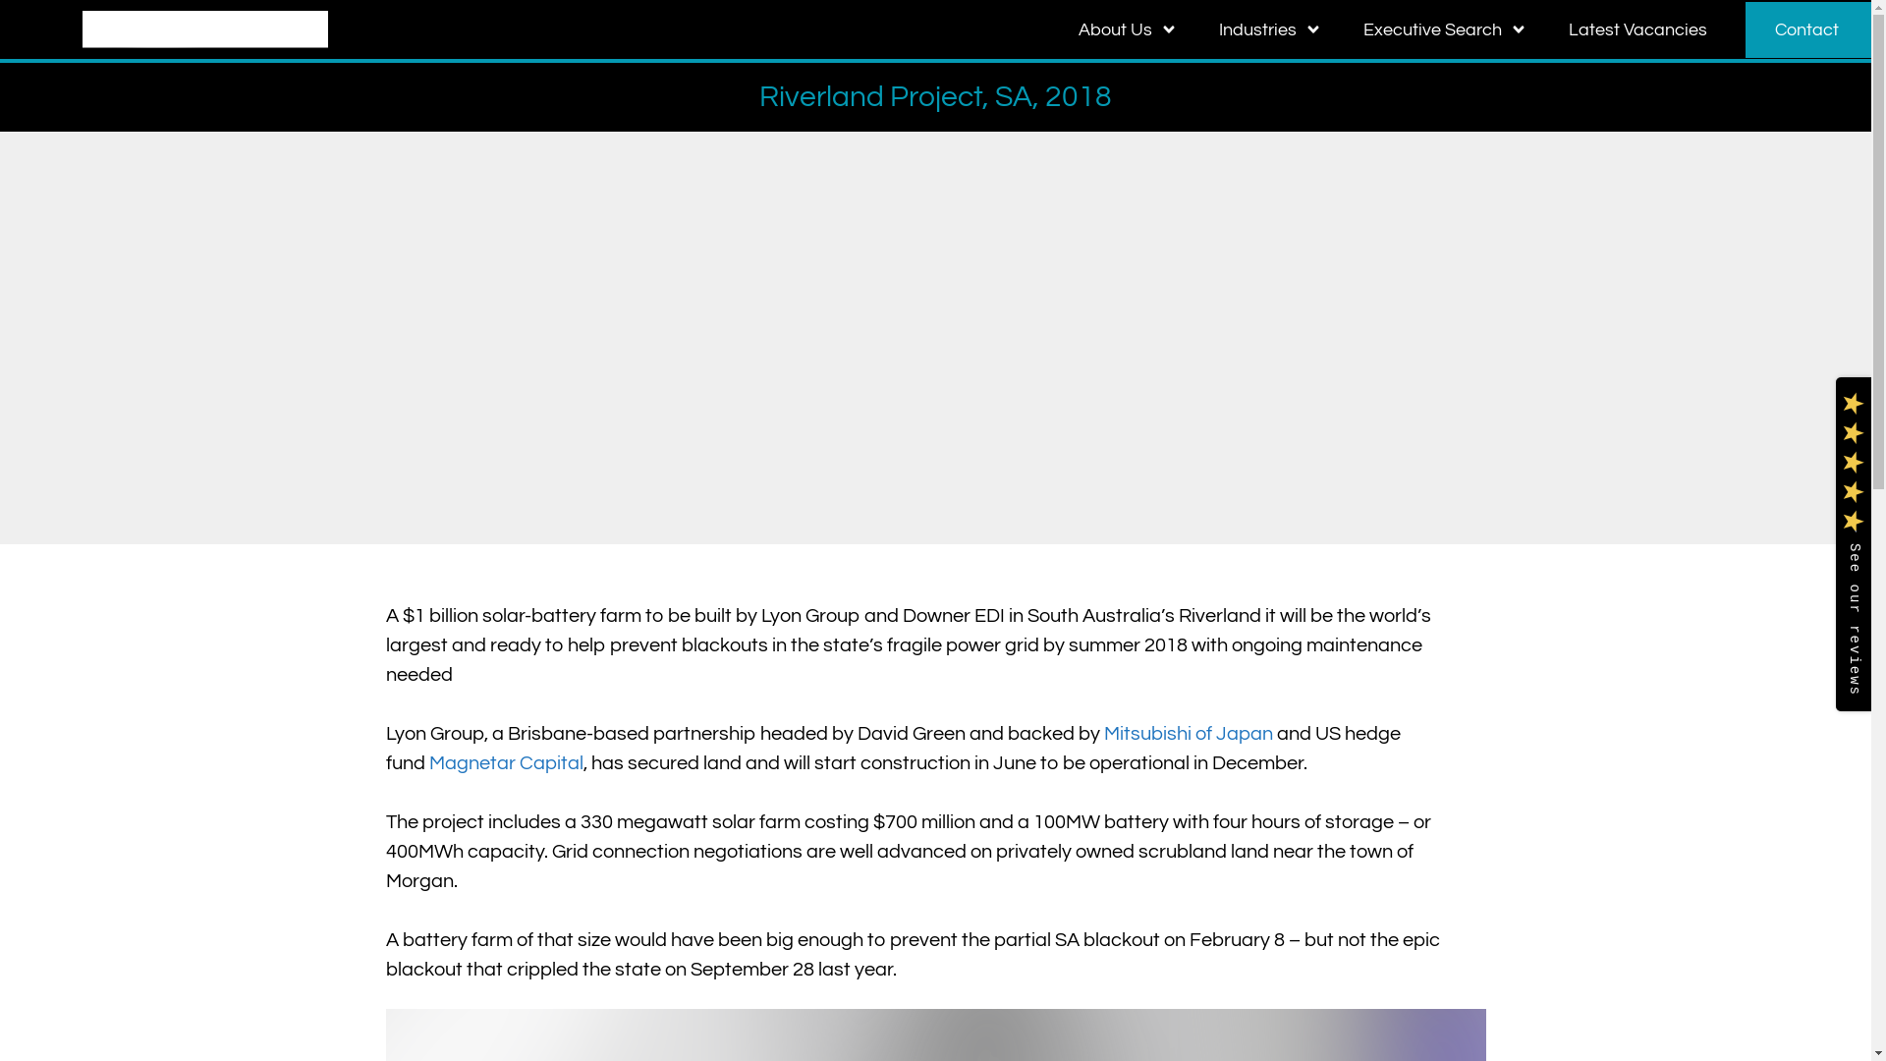 The image size is (1886, 1061). I want to click on 'About Us', so click(1117, 28).